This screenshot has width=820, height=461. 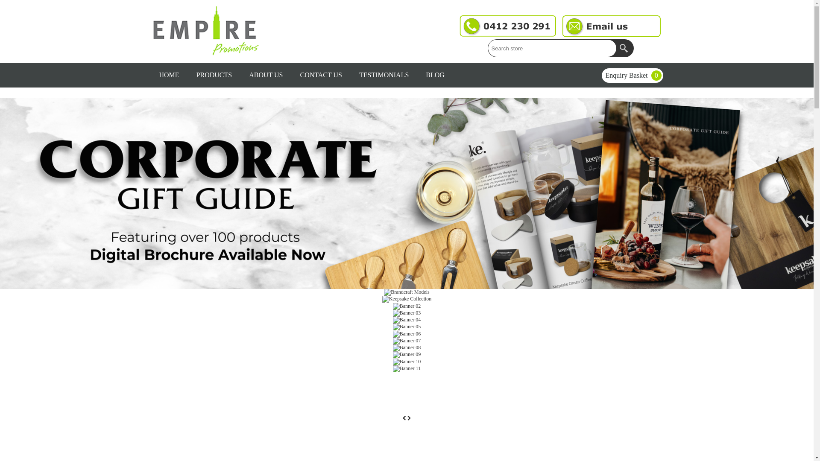 What do you see at coordinates (435, 75) in the screenshot?
I see `'BLOG'` at bounding box center [435, 75].